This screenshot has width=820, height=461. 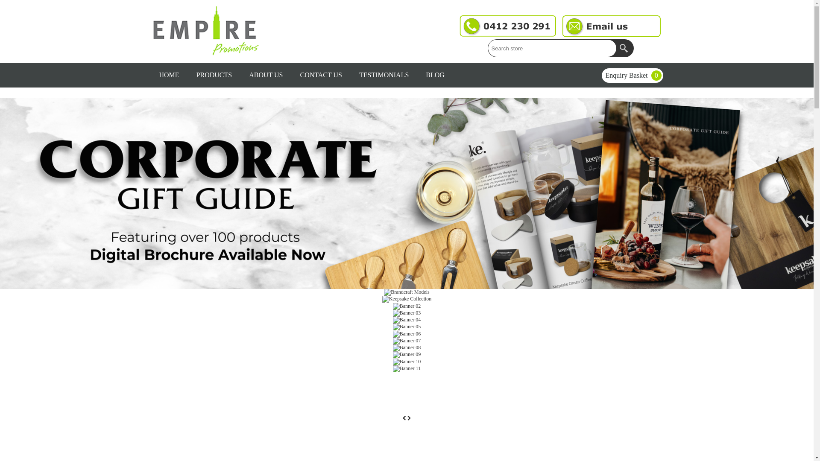 What do you see at coordinates (435, 75) in the screenshot?
I see `'BLOG'` at bounding box center [435, 75].